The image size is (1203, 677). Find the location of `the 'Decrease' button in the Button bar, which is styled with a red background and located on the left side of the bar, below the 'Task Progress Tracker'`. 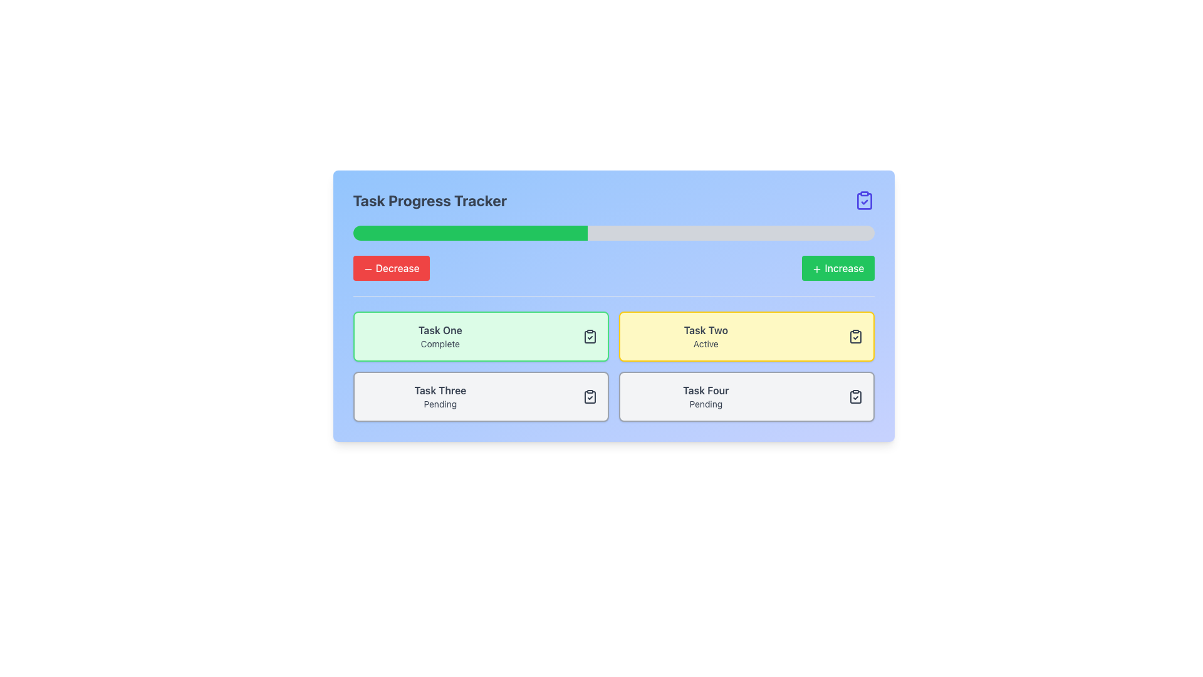

the 'Decrease' button in the Button bar, which is styled with a red background and located on the left side of the bar, below the 'Task Progress Tracker' is located at coordinates (613, 268).